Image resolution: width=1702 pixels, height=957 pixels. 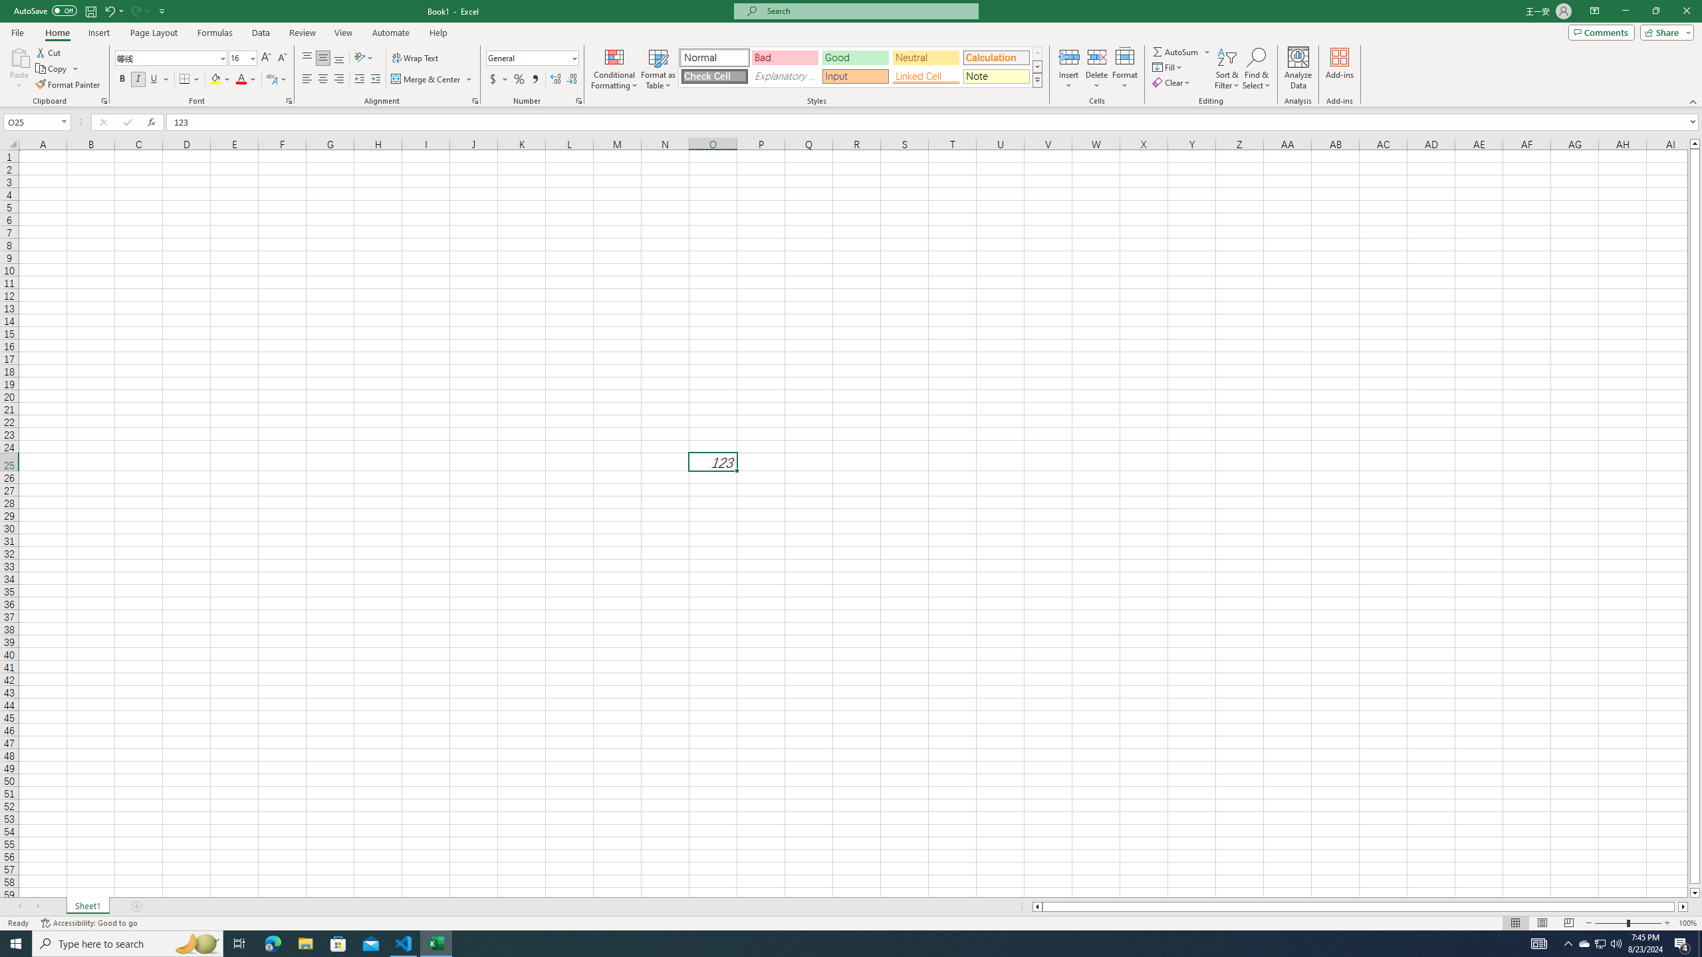 What do you see at coordinates (785, 76) in the screenshot?
I see `'Explanatory Text'` at bounding box center [785, 76].